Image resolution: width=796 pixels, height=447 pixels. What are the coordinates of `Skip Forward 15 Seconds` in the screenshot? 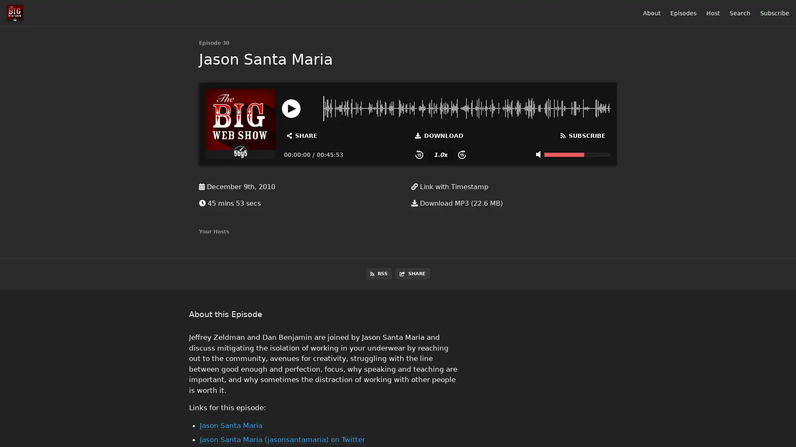 It's located at (461, 154).